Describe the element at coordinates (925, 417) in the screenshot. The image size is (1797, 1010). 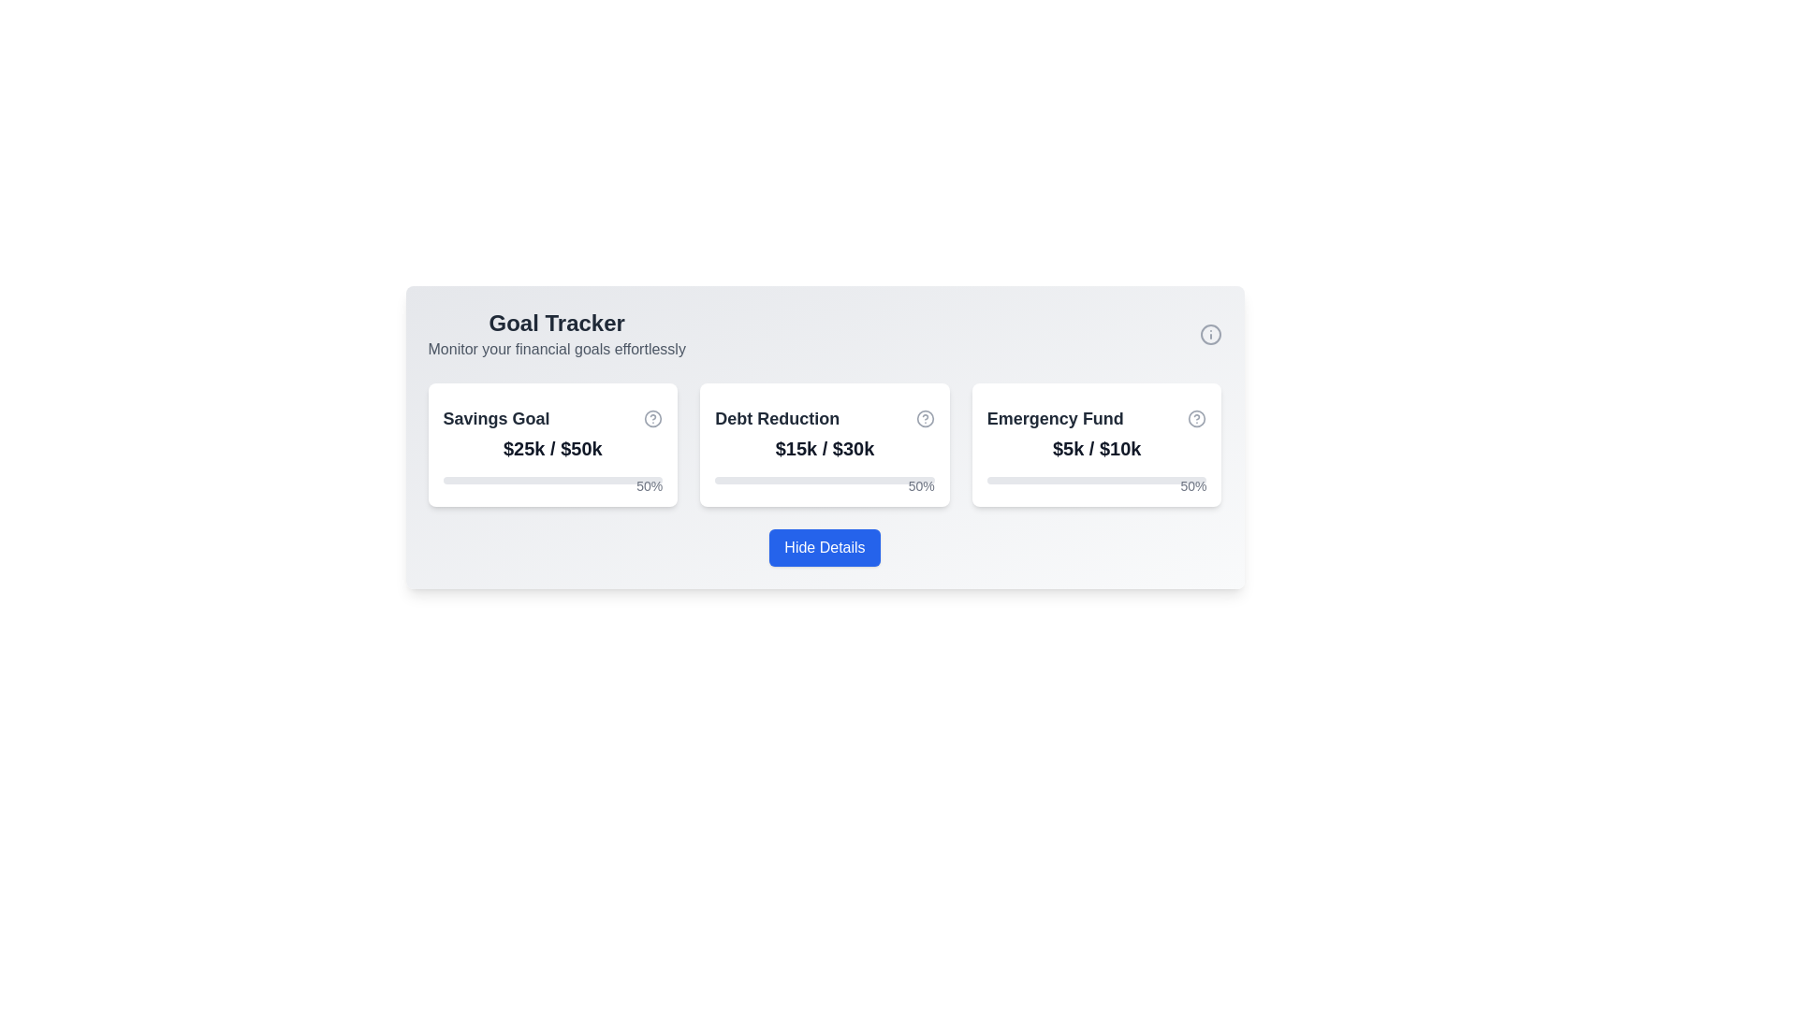
I see `the Question Mark icon in the top-right corner of the 'Debt Reduction' card` at that location.